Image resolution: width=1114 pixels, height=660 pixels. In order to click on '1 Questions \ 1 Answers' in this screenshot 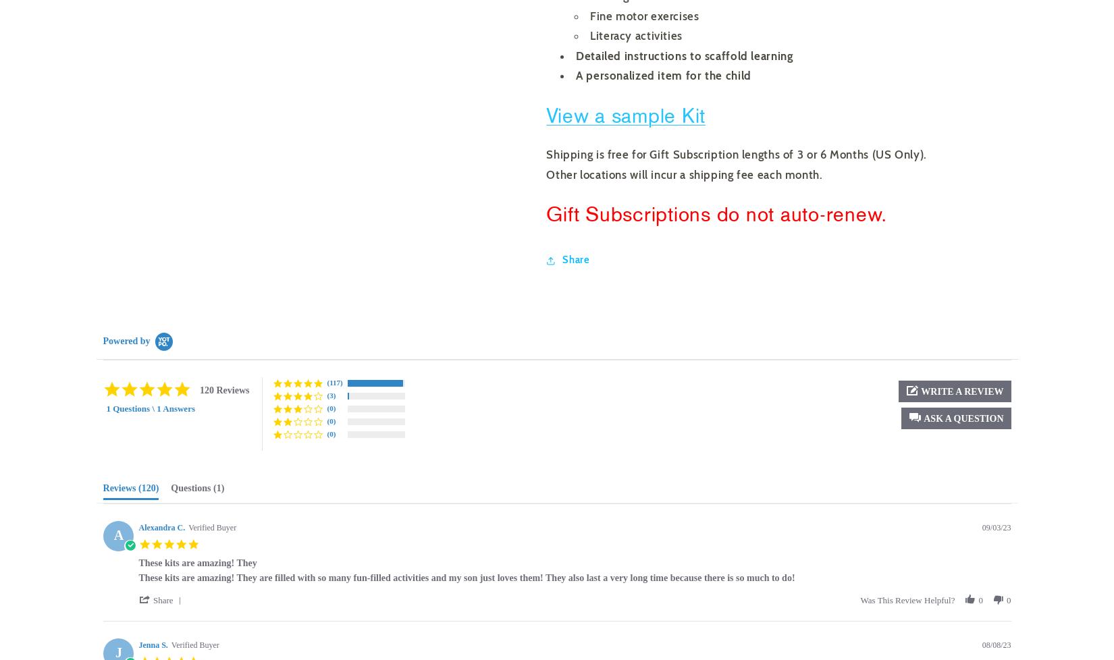, I will do `click(150, 408)`.